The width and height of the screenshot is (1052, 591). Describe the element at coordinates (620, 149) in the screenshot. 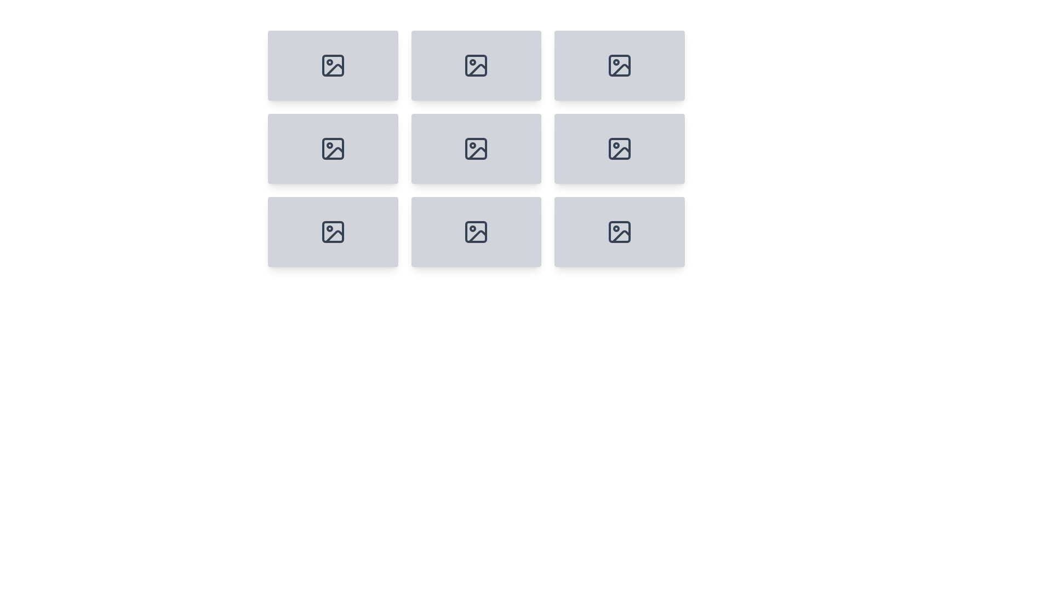

I see `the Card or content block located in the second row and third column of the grid layout, which serves as a visual placeholder for content` at that location.